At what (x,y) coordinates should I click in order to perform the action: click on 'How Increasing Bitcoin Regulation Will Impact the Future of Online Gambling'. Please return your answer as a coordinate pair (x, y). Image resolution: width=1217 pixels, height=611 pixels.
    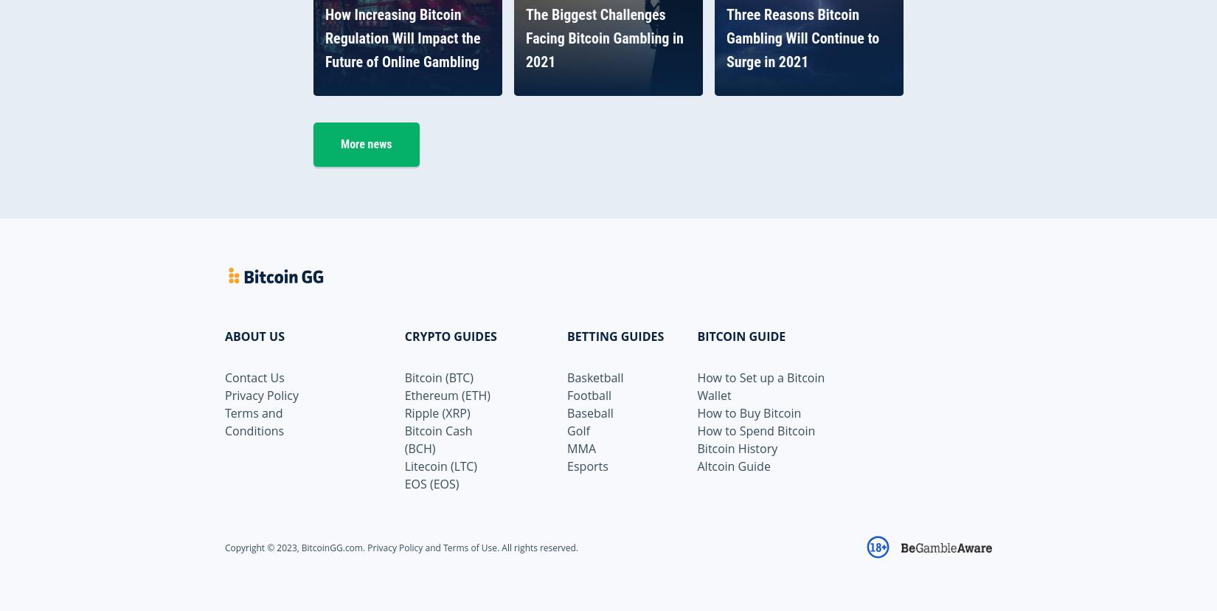
    Looking at the image, I should click on (325, 37).